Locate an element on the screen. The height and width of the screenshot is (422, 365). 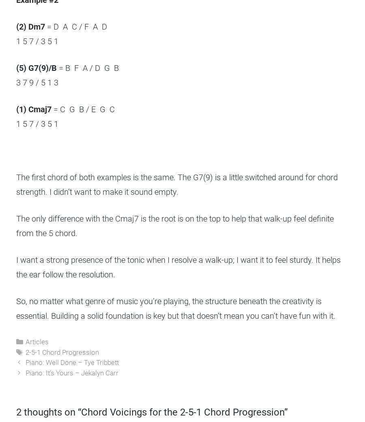
'The only difference with the Cmaj7 is the root is on the top to help that walk-up feel definite from the 5 chord.' is located at coordinates (175, 225).